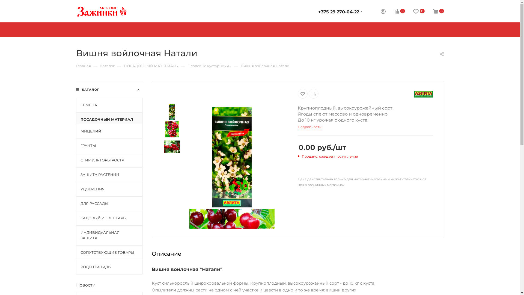 Image resolution: width=524 pixels, height=295 pixels. I want to click on 'zazhinki.by', so click(102, 11).